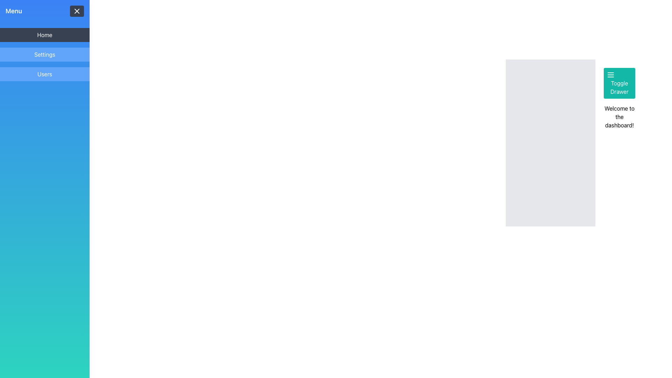 Image resolution: width=672 pixels, height=378 pixels. Describe the element at coordinates (610, 75) in the screenshot. I see `the icon composed of three horizontal lines located in the top-left corner of the 'Toggle Drawer' button with a teal background` at that location.